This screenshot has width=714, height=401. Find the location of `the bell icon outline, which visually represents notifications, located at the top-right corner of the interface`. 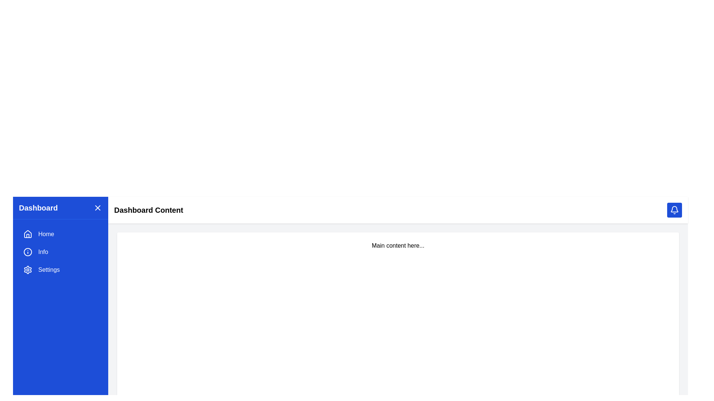

the bell icon outline, which visually represents notifications, located at the top-right corner of the interface is located at coordinates (675, 209).